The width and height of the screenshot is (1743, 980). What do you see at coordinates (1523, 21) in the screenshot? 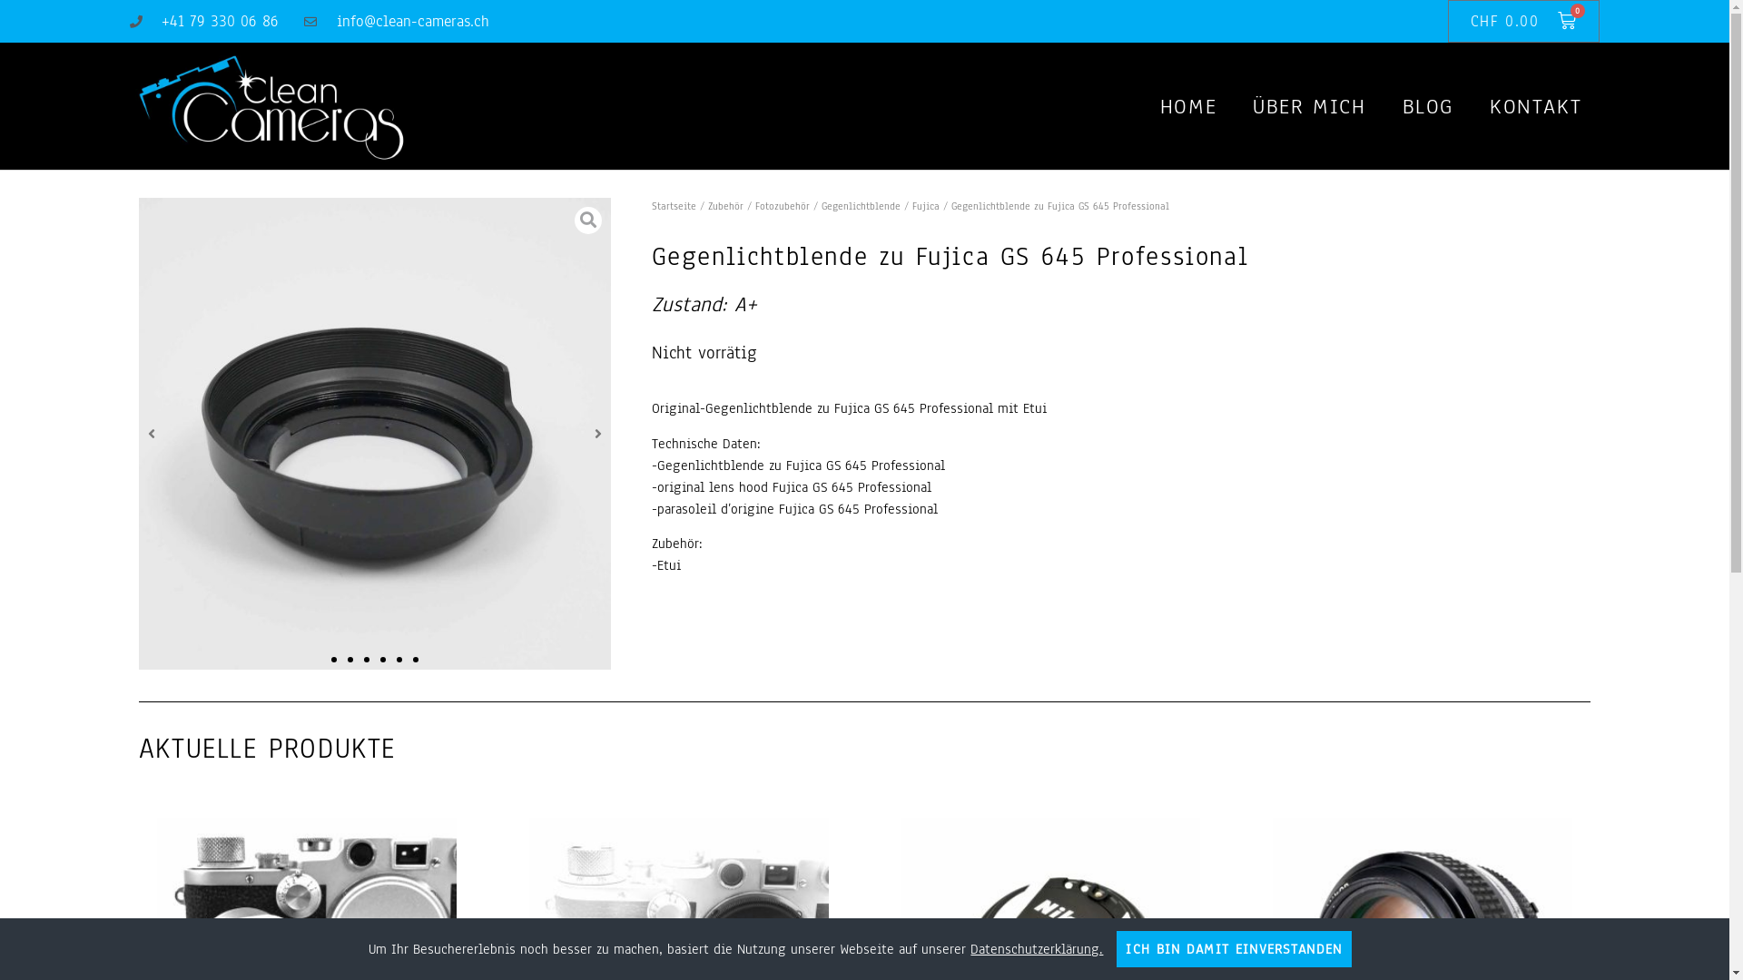
I see `'CHF 0.00` at bounding box center [1523, 21].